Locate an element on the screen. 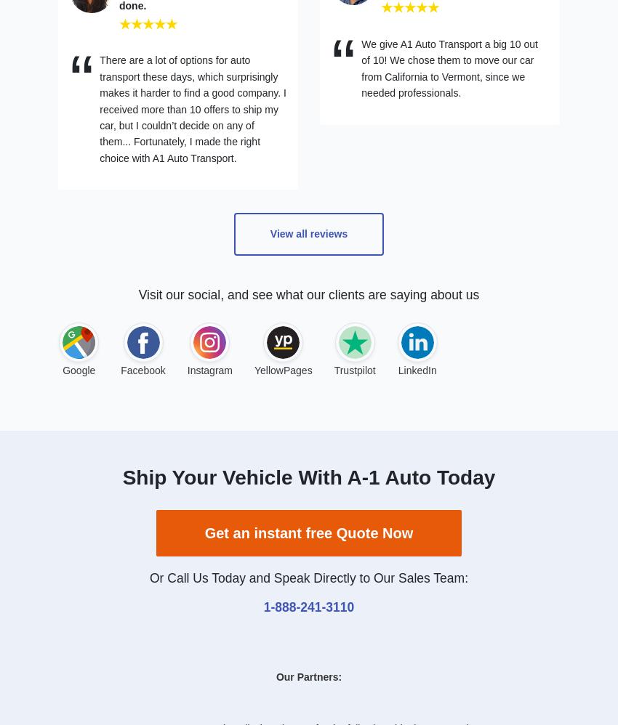 This screenshot has height=725, width=618. 'Facebook' is located at coordinates (142, 369).